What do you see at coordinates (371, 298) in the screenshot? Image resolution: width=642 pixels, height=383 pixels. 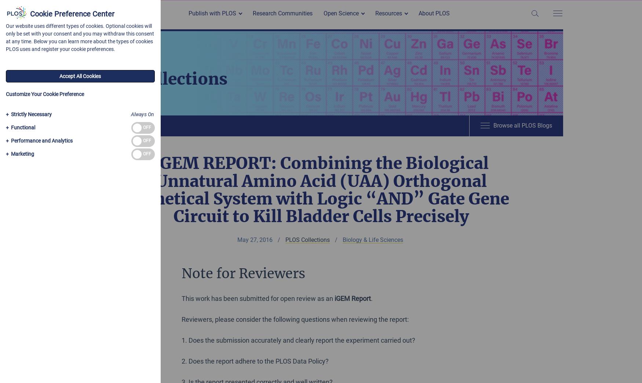 I see `'.'` at bounding box center [371, 298].